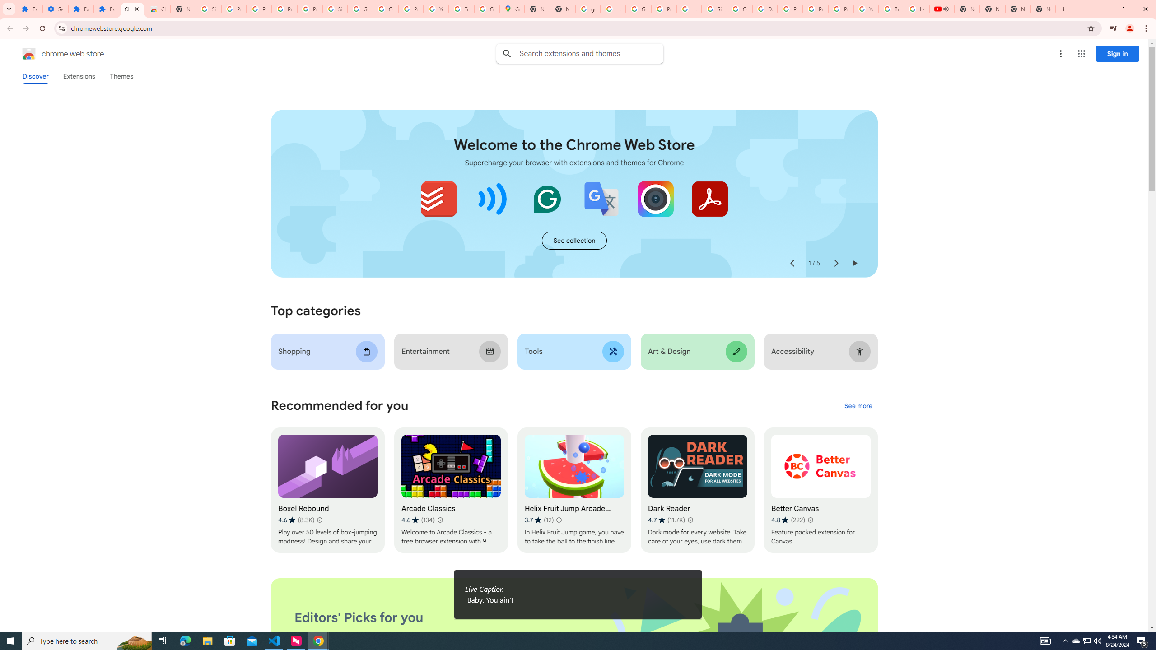  Describe the element at coordinates (53, 53) in the screenshot. I see `'Chrome Web Store logo chrome web store'` at that location.